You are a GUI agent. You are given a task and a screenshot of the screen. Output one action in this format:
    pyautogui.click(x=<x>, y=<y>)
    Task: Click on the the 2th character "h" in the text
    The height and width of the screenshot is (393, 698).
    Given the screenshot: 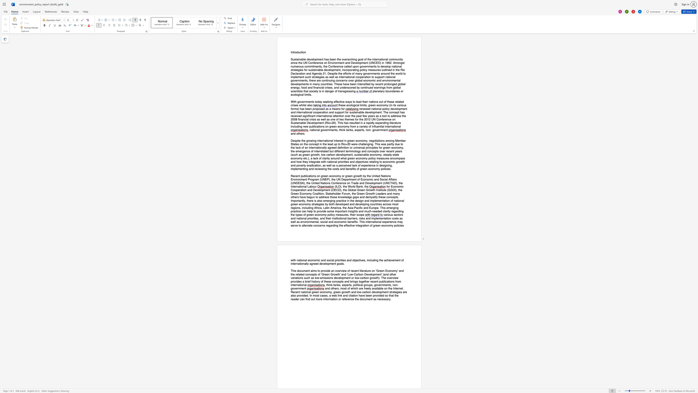 What is the action you would take?
    pyautogui.click(x=364, y=101)
    